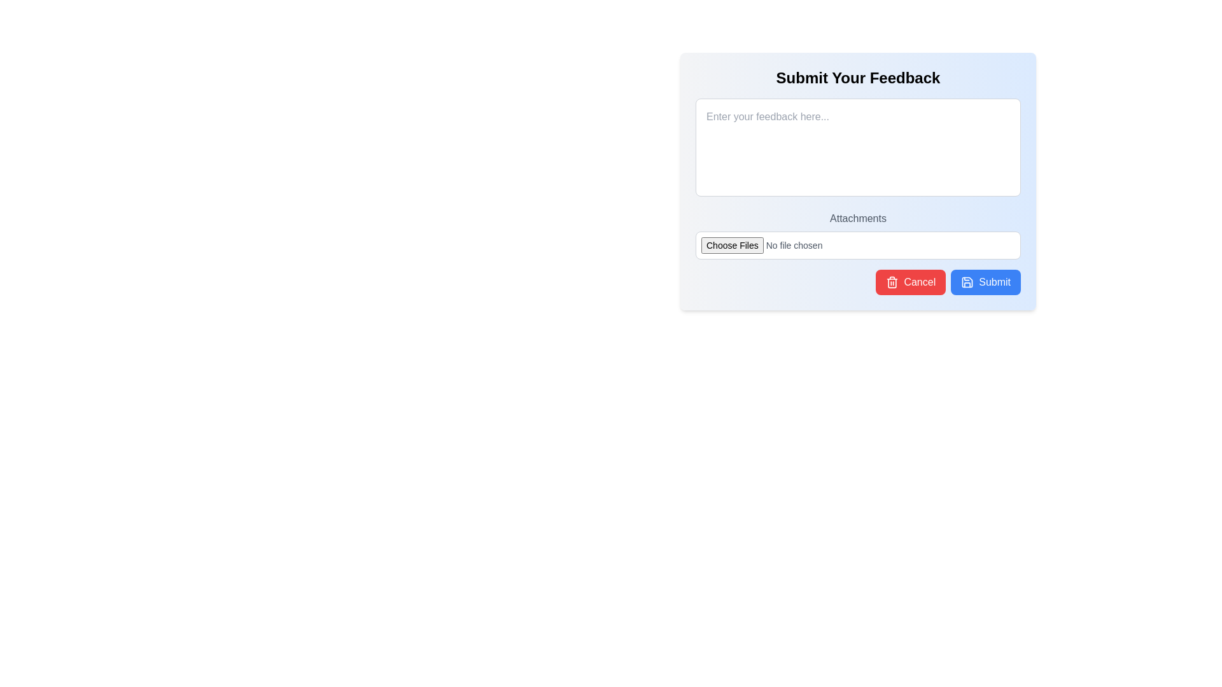  I want to click on the cancel button located in the bottom-right section of the form, which is to the left of the blue 'Submit' button, so click(910, 281).